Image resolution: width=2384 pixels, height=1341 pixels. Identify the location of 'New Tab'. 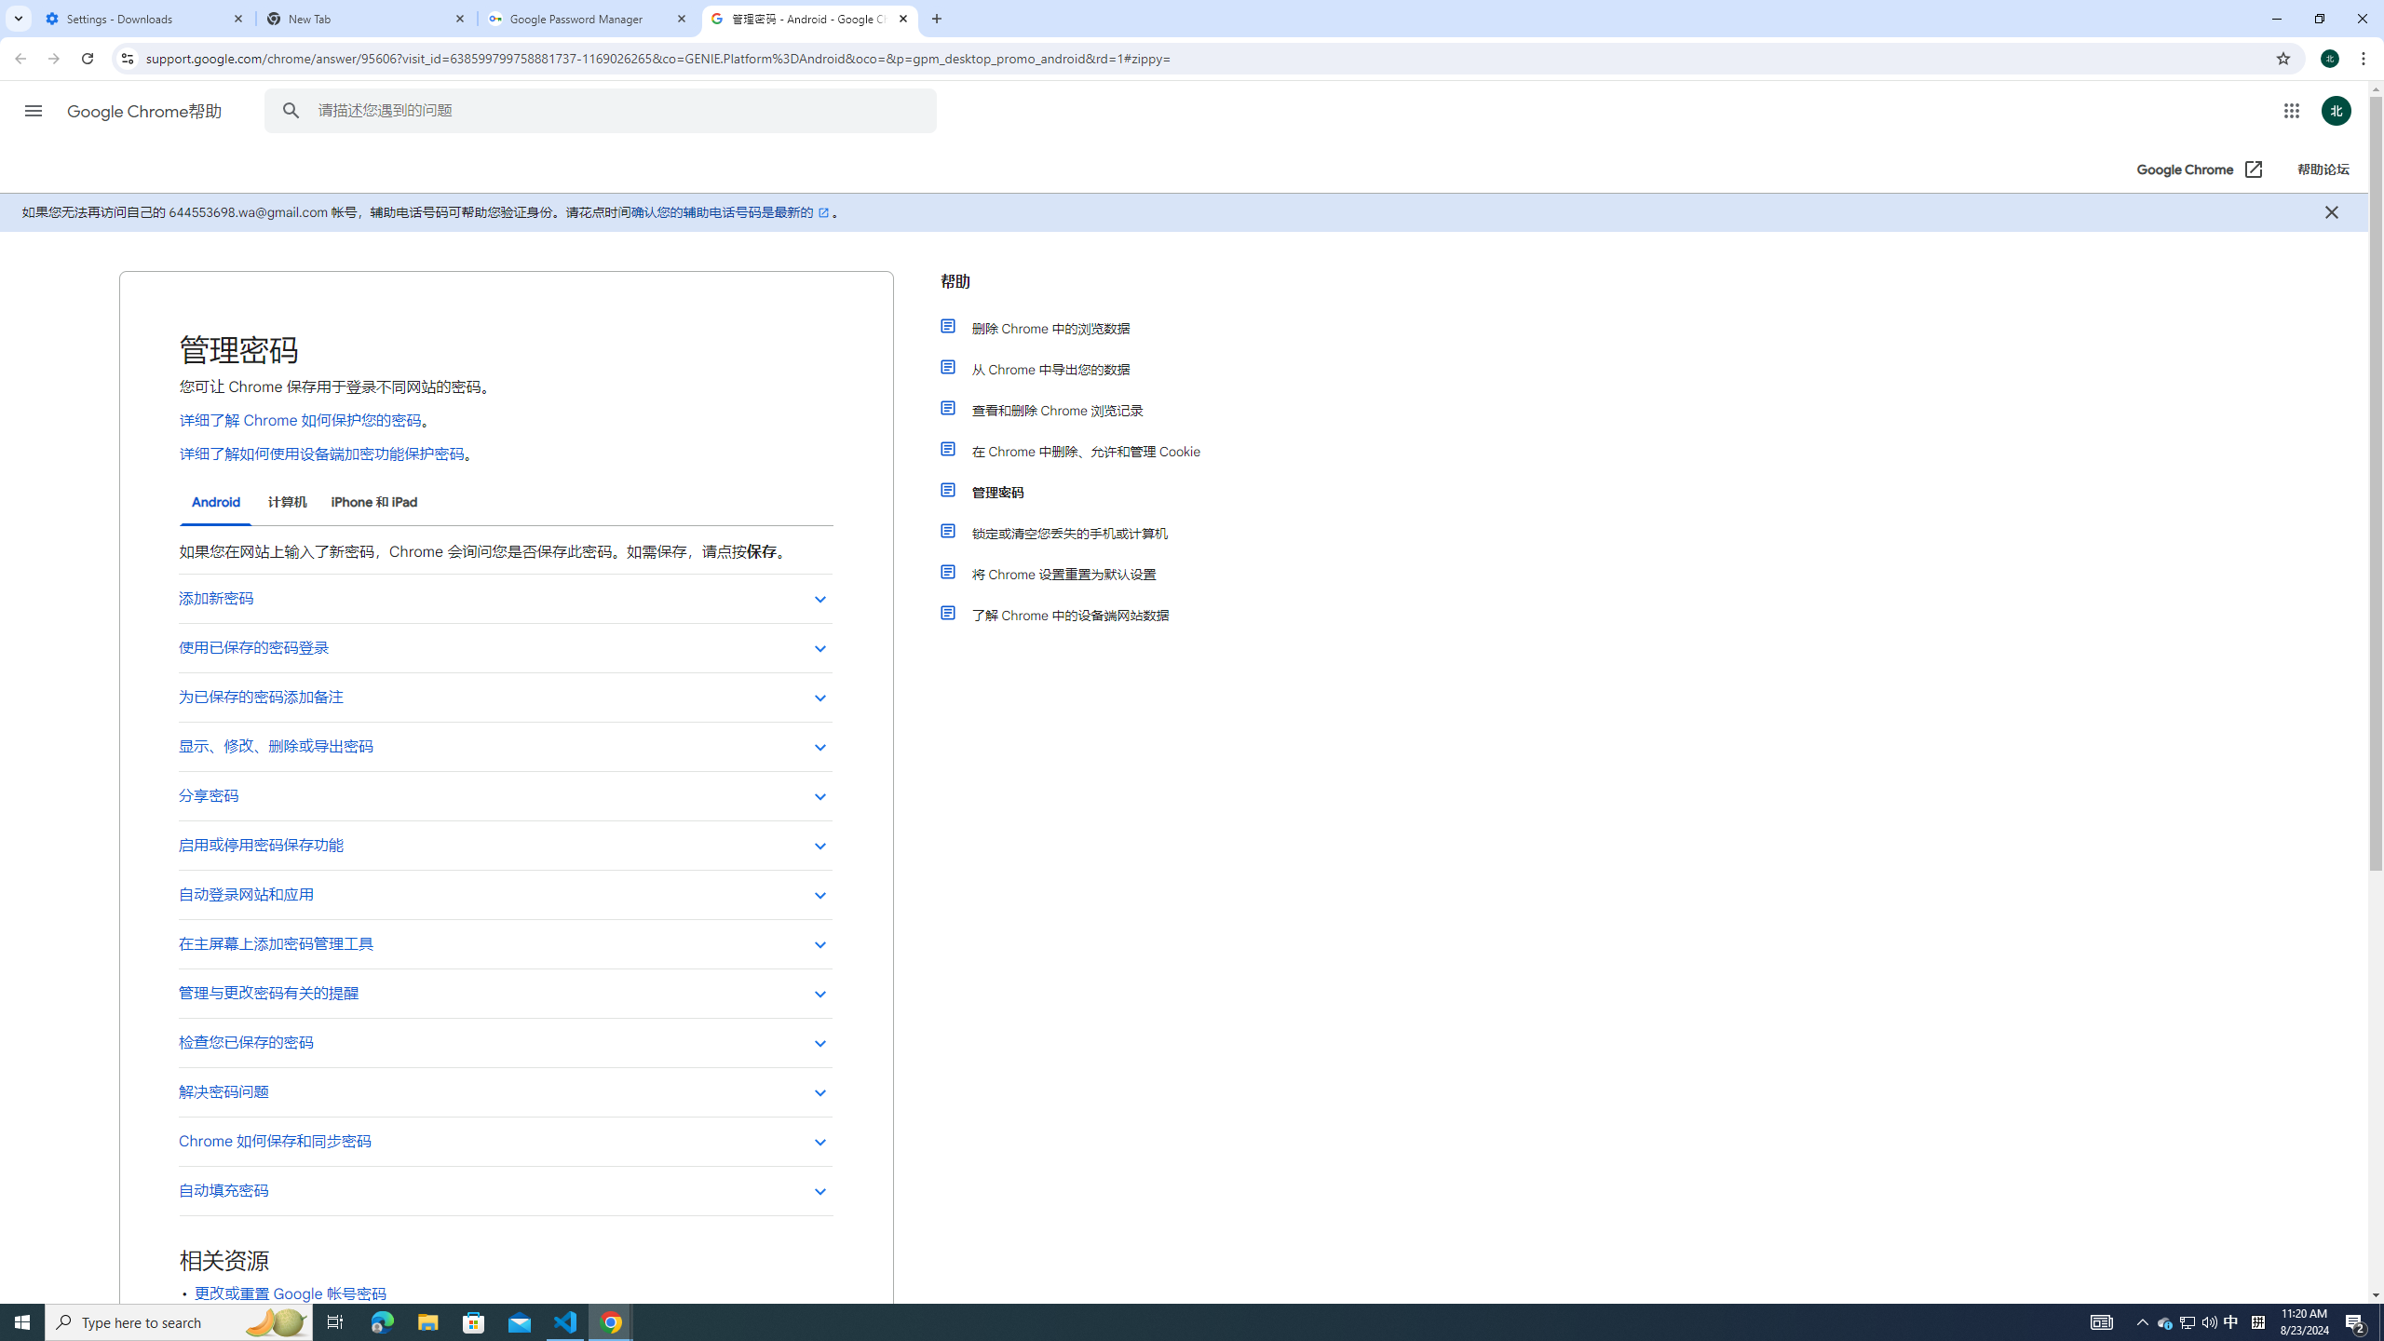
(367, 18).